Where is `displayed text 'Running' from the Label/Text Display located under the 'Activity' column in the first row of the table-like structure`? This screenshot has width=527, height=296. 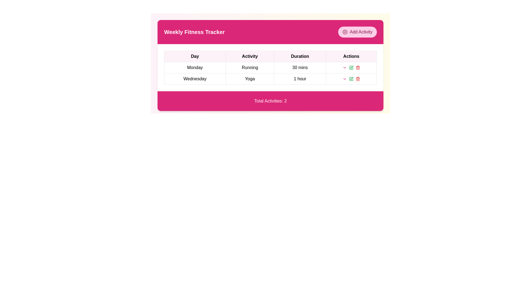
displayed text 'Running' from the Label/Text Display located under the 'Activity' column in the first row of the table-like structure is located at coordinates (250, 67).